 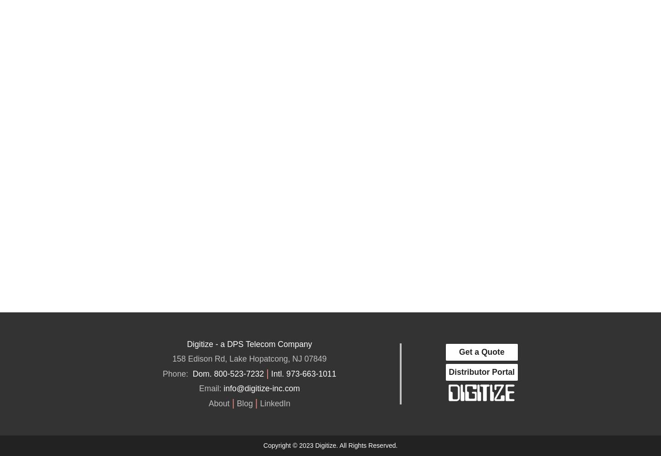 I want to click on 'Phone:', so click(x=176, y=373).